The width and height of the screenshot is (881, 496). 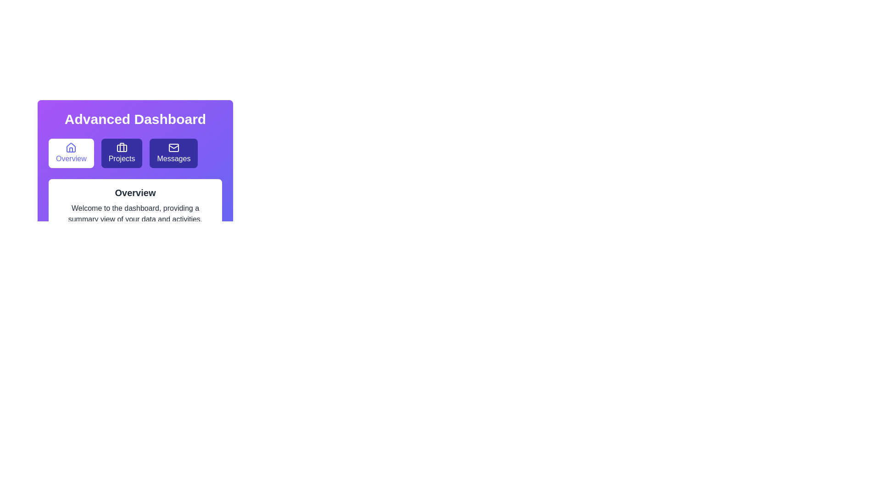 I want to click on the Overview tab by clicking its button, so click(x=70, y=153).